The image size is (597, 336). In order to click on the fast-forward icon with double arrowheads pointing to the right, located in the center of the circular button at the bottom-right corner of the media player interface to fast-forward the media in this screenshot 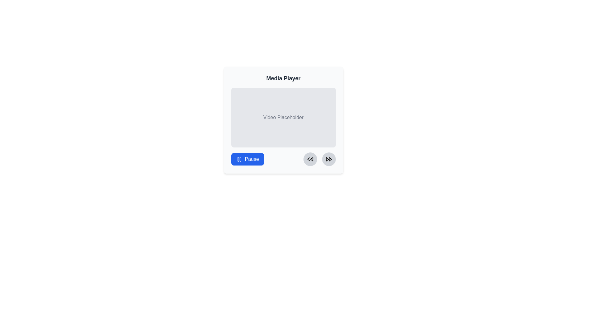, I will do `click(328, 159)`.